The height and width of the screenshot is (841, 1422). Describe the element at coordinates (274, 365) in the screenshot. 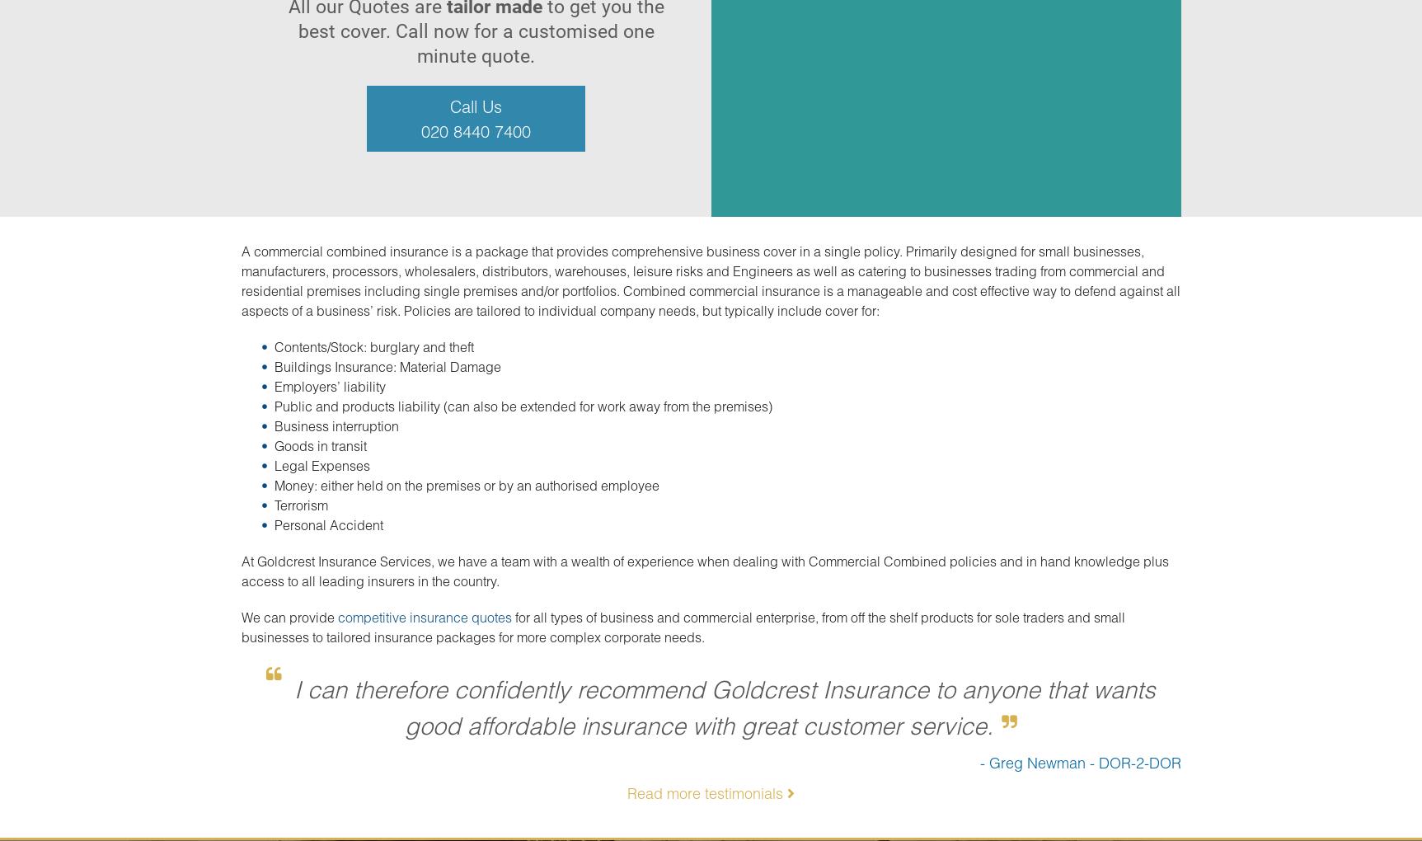

I see `'Buildings Insurance: Material Damage'` at that location.